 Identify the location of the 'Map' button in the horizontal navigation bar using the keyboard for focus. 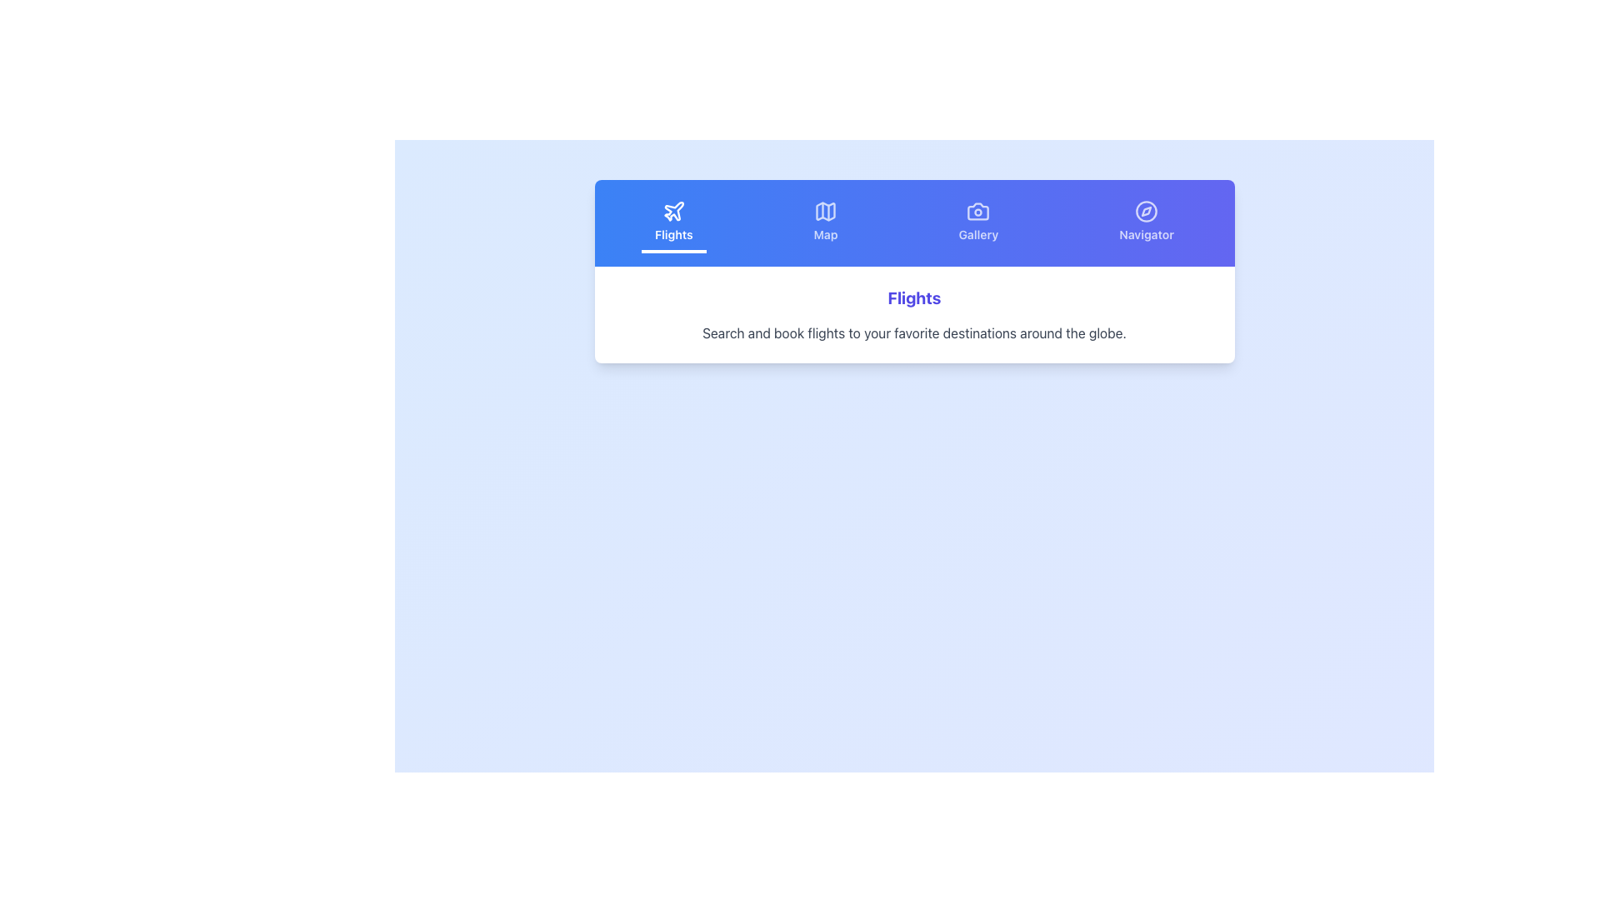
(826, 222).